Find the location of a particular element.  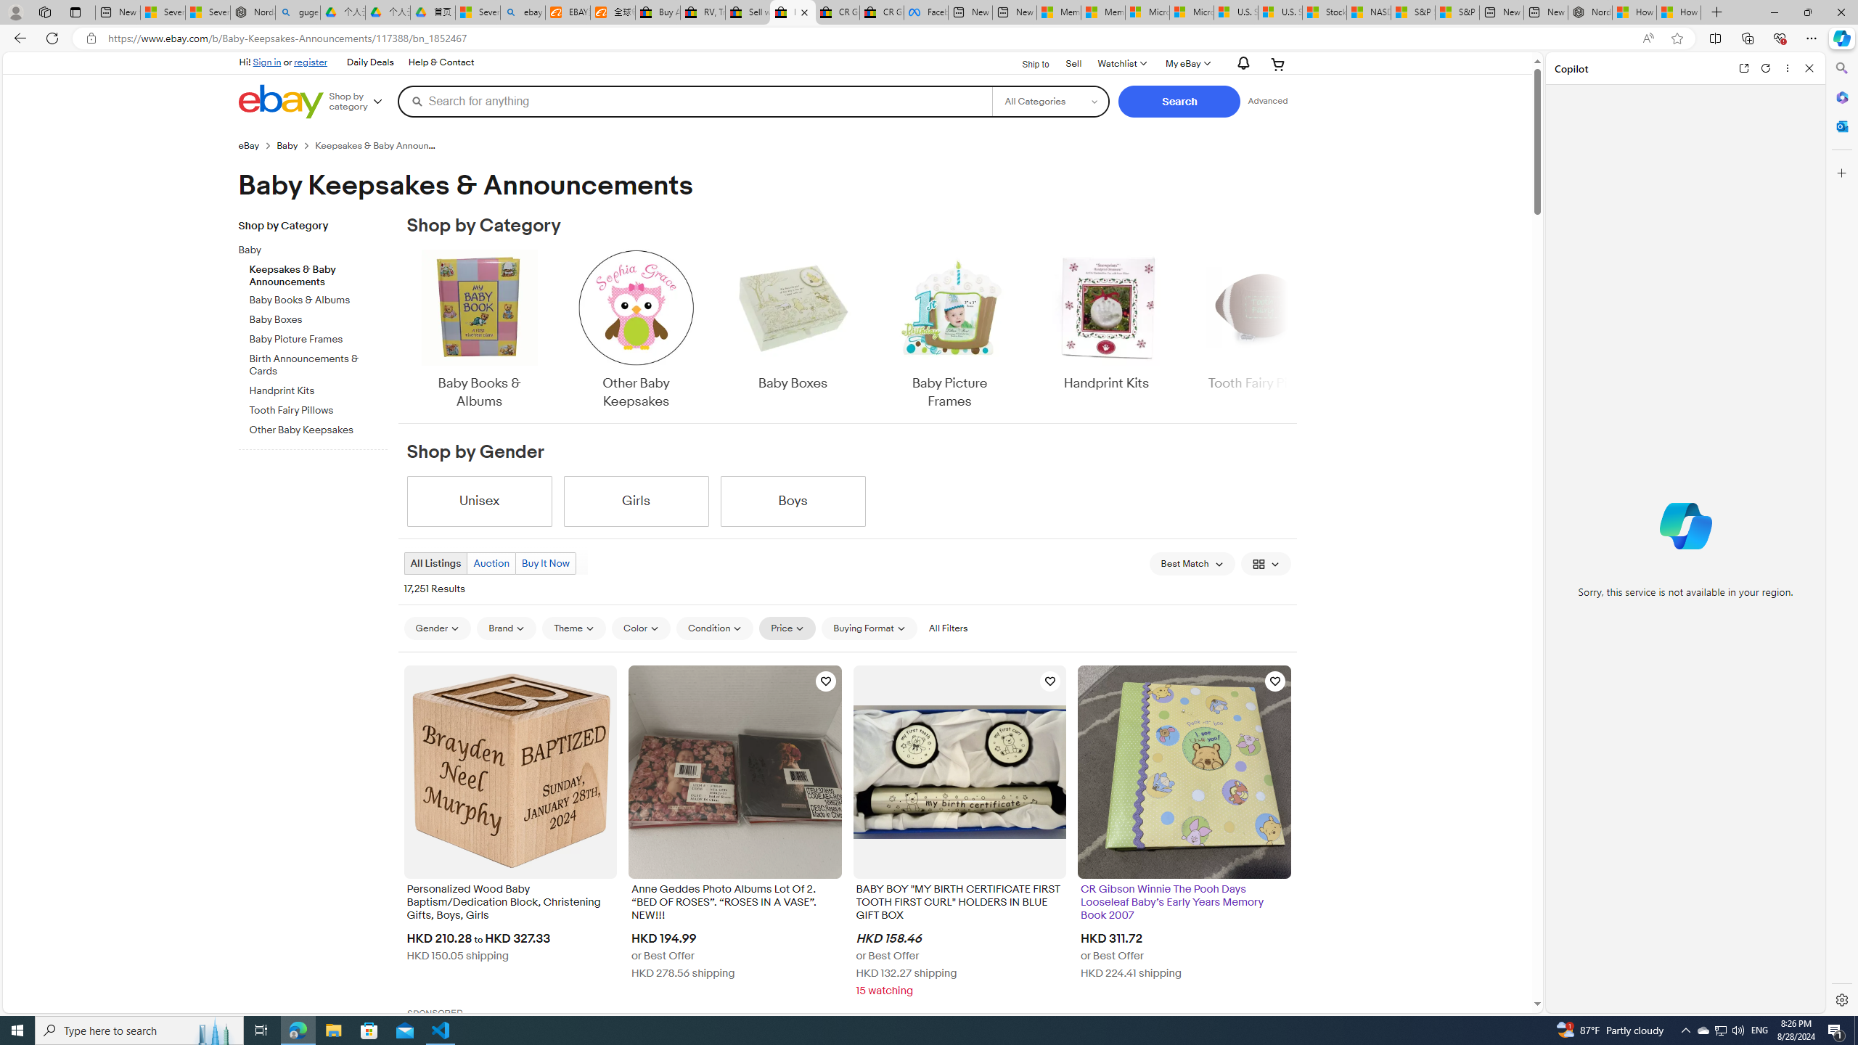

'eBay' is located at coordinates (248, 144).